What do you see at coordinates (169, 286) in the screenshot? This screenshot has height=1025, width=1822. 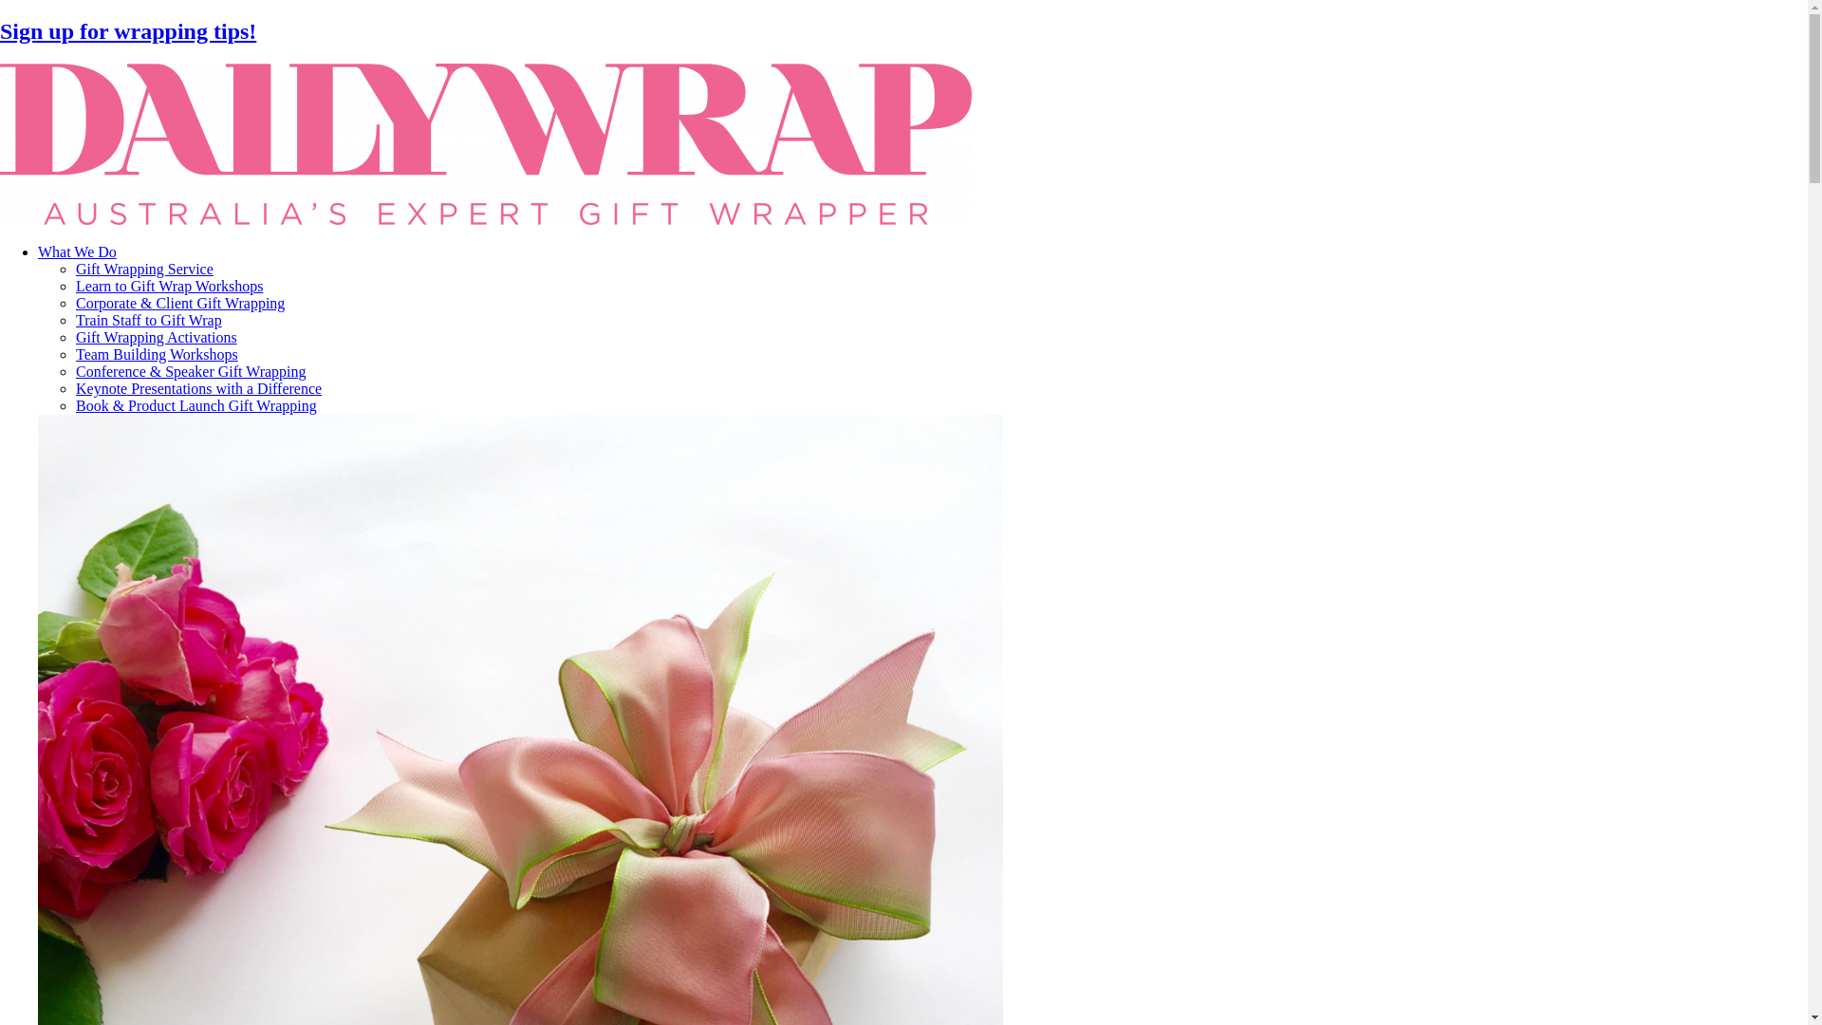 I see `'Learn to Gift Wrap Workshops'` at bounding box center [169, 286].